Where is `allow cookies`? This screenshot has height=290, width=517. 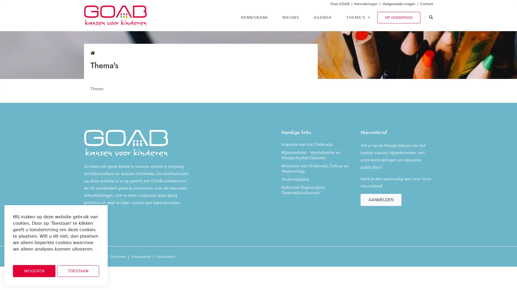
allow cookies is located at coordinates (78, 271).